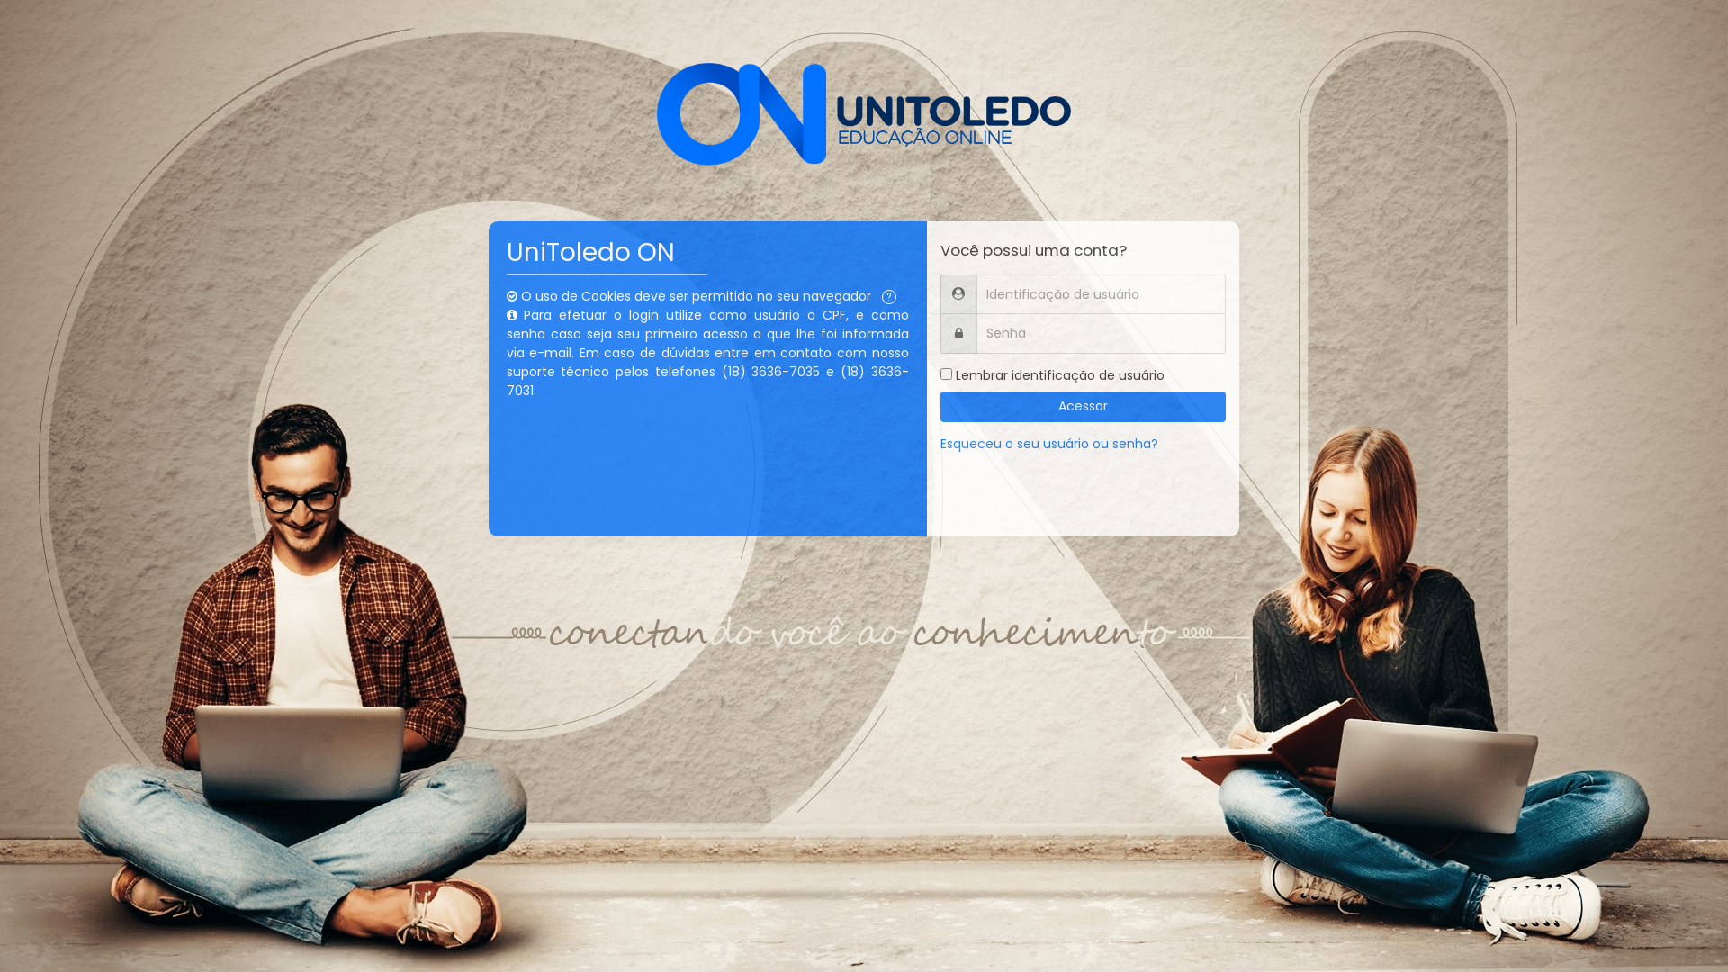  What do you see at coordinates (1083, 406) in the screenshot?
I see `'Acessar'` at bounding box center [1083, 406].